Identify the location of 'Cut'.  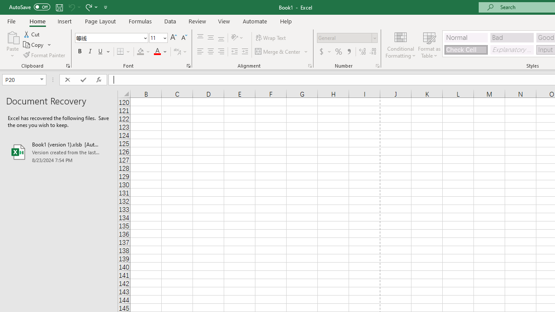
(32, 34).